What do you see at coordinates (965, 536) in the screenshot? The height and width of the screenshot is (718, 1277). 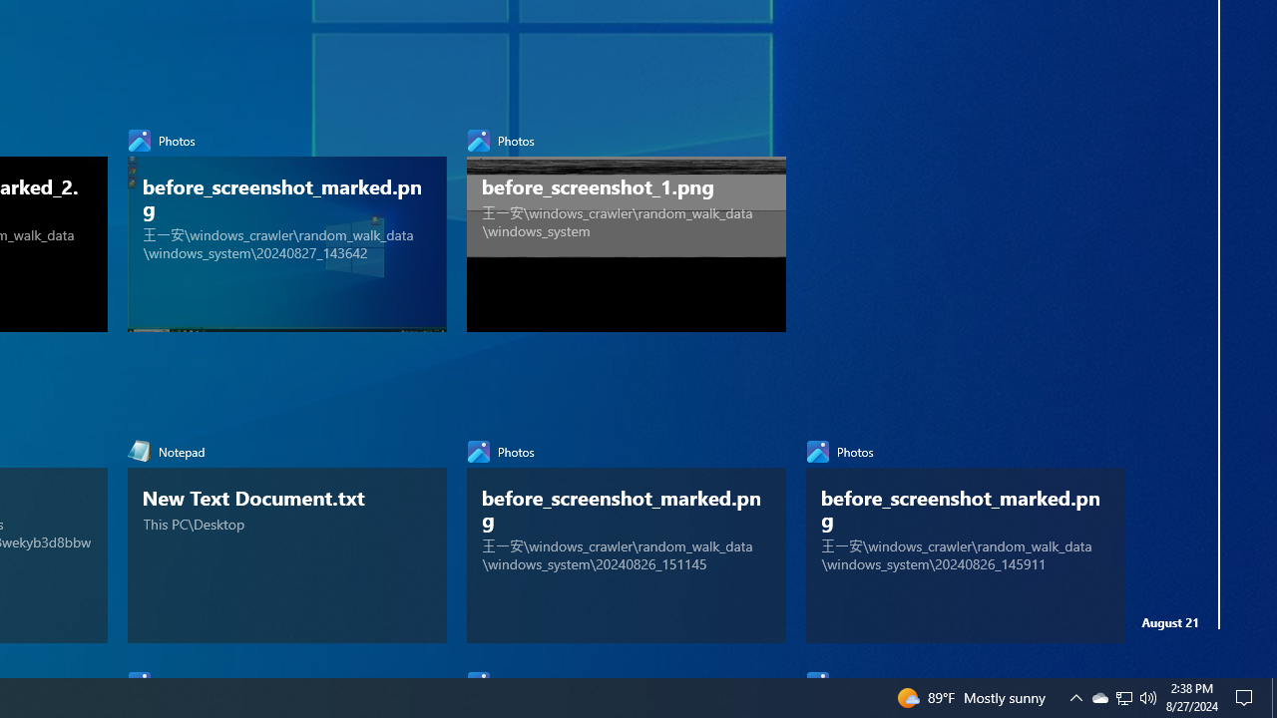 I see `'Photos, before_screenshot_marked.png'` at bounding box center [965, 536].